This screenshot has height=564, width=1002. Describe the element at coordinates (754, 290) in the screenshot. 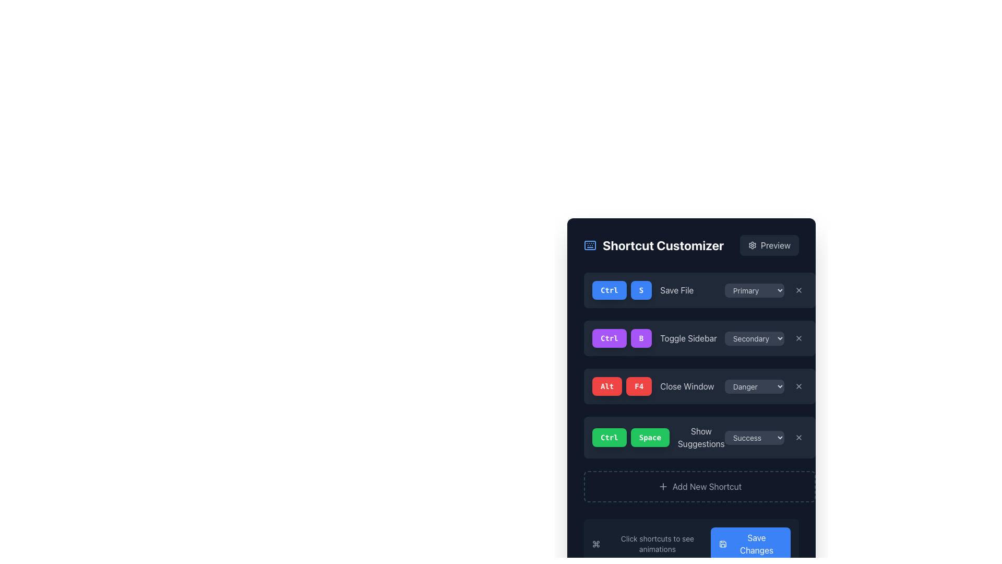

I see `the Dropdown button located in the top row of the Shortcut Customizer panel, which is associated with the 'Save File' entry` at that location.